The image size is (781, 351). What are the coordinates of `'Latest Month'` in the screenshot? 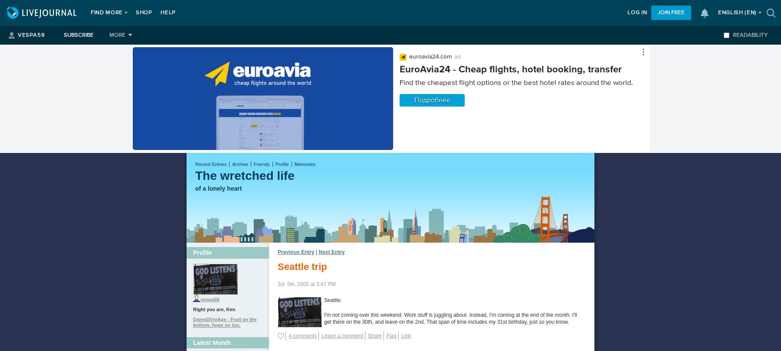 It's located at (211, 341).